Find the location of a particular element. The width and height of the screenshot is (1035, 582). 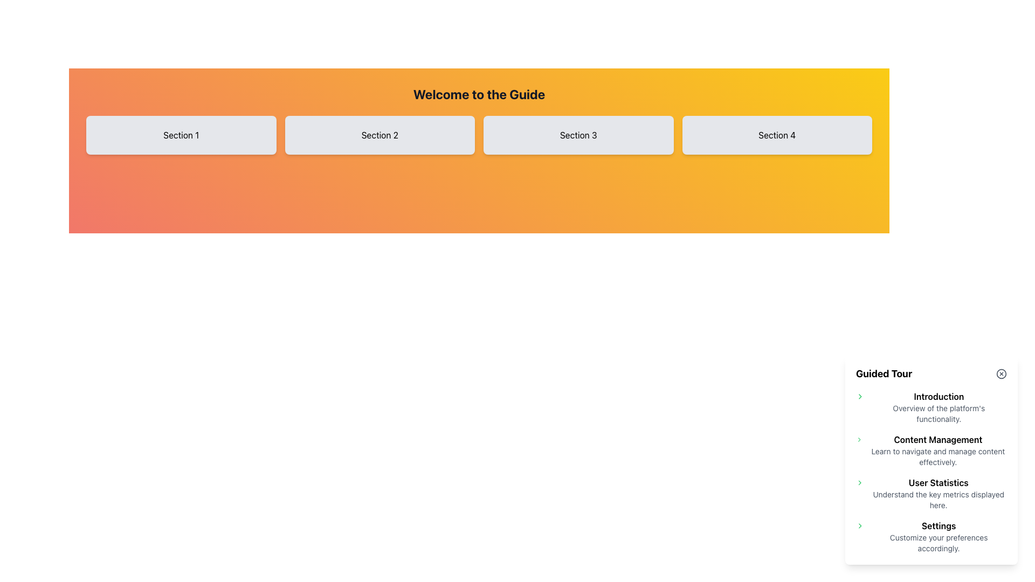

descriptive heading for the 'Settings' section, located in the 'Guided Tour' card below the 'User Statistics' content is located at coordinates (938, 525).